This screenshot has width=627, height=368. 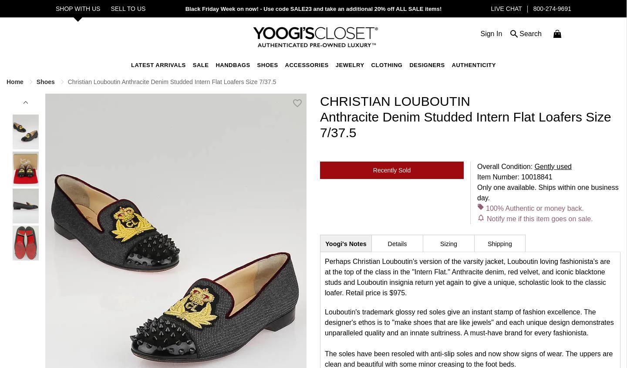 What do you see at coordinates (533, 8) in the screenshot?
I see `'800-274-9691'` at bounding box center [533, 8].